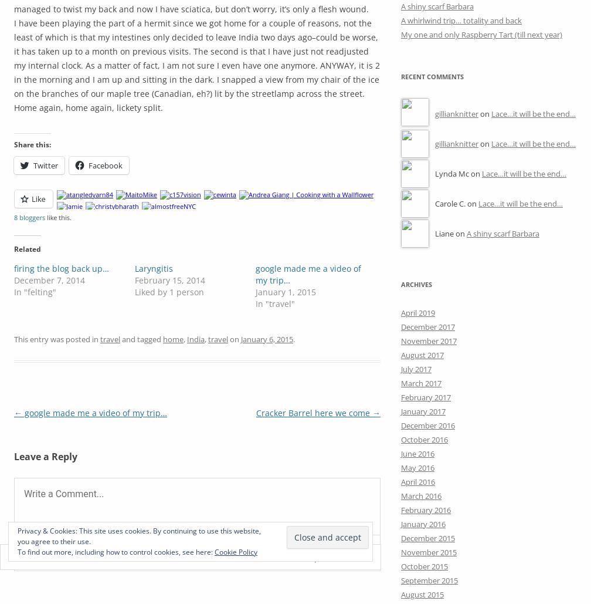 This screenshot has height=604, width=591. I want to click on 'Reply', so click(348, 552).